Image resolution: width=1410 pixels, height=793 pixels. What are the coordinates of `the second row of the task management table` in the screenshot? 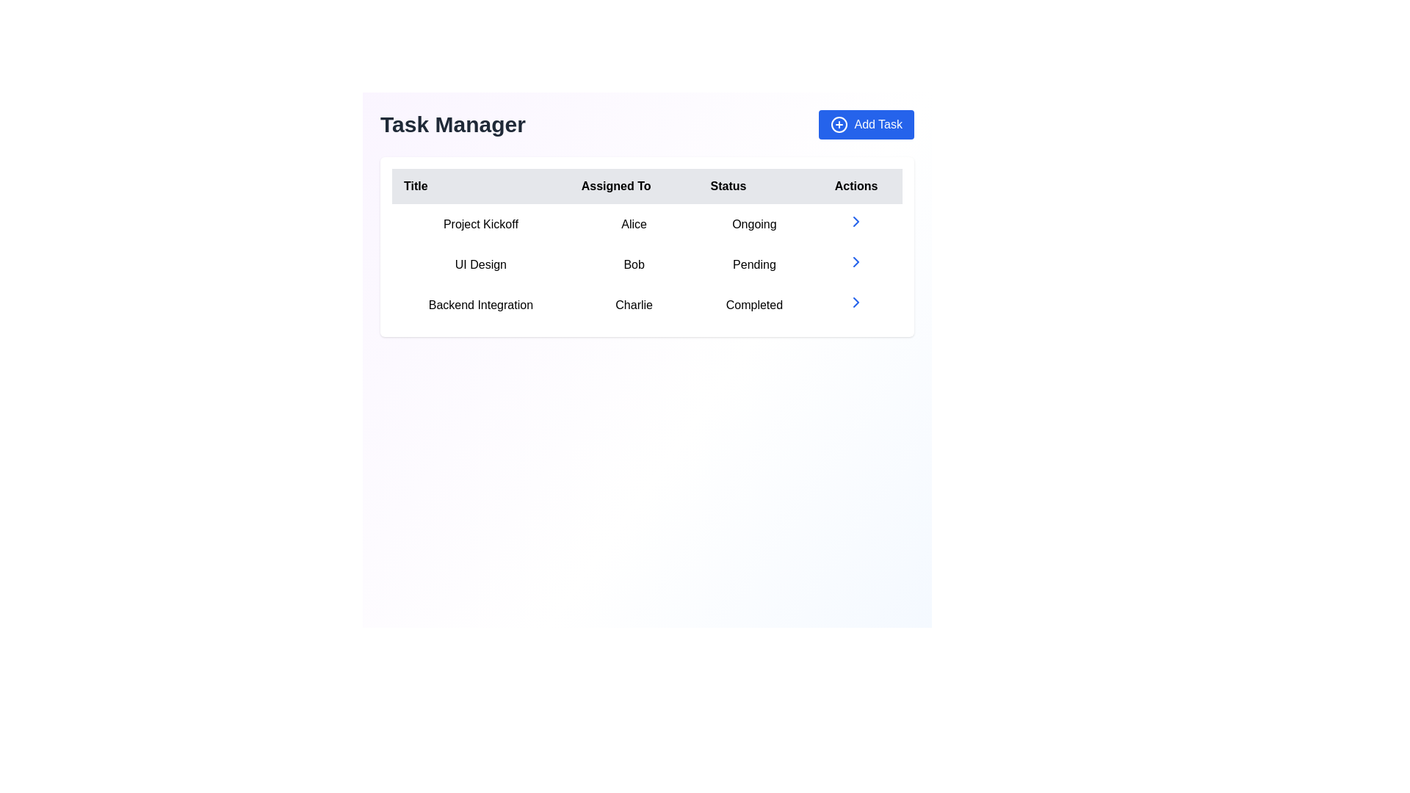 It's located at (646, 264).